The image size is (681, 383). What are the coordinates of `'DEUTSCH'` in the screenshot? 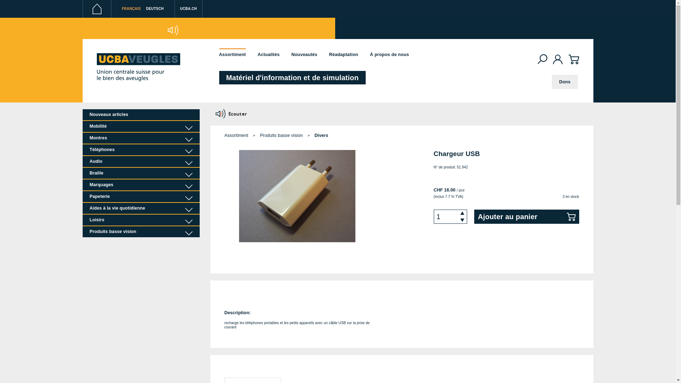 It's located at (154, 9).